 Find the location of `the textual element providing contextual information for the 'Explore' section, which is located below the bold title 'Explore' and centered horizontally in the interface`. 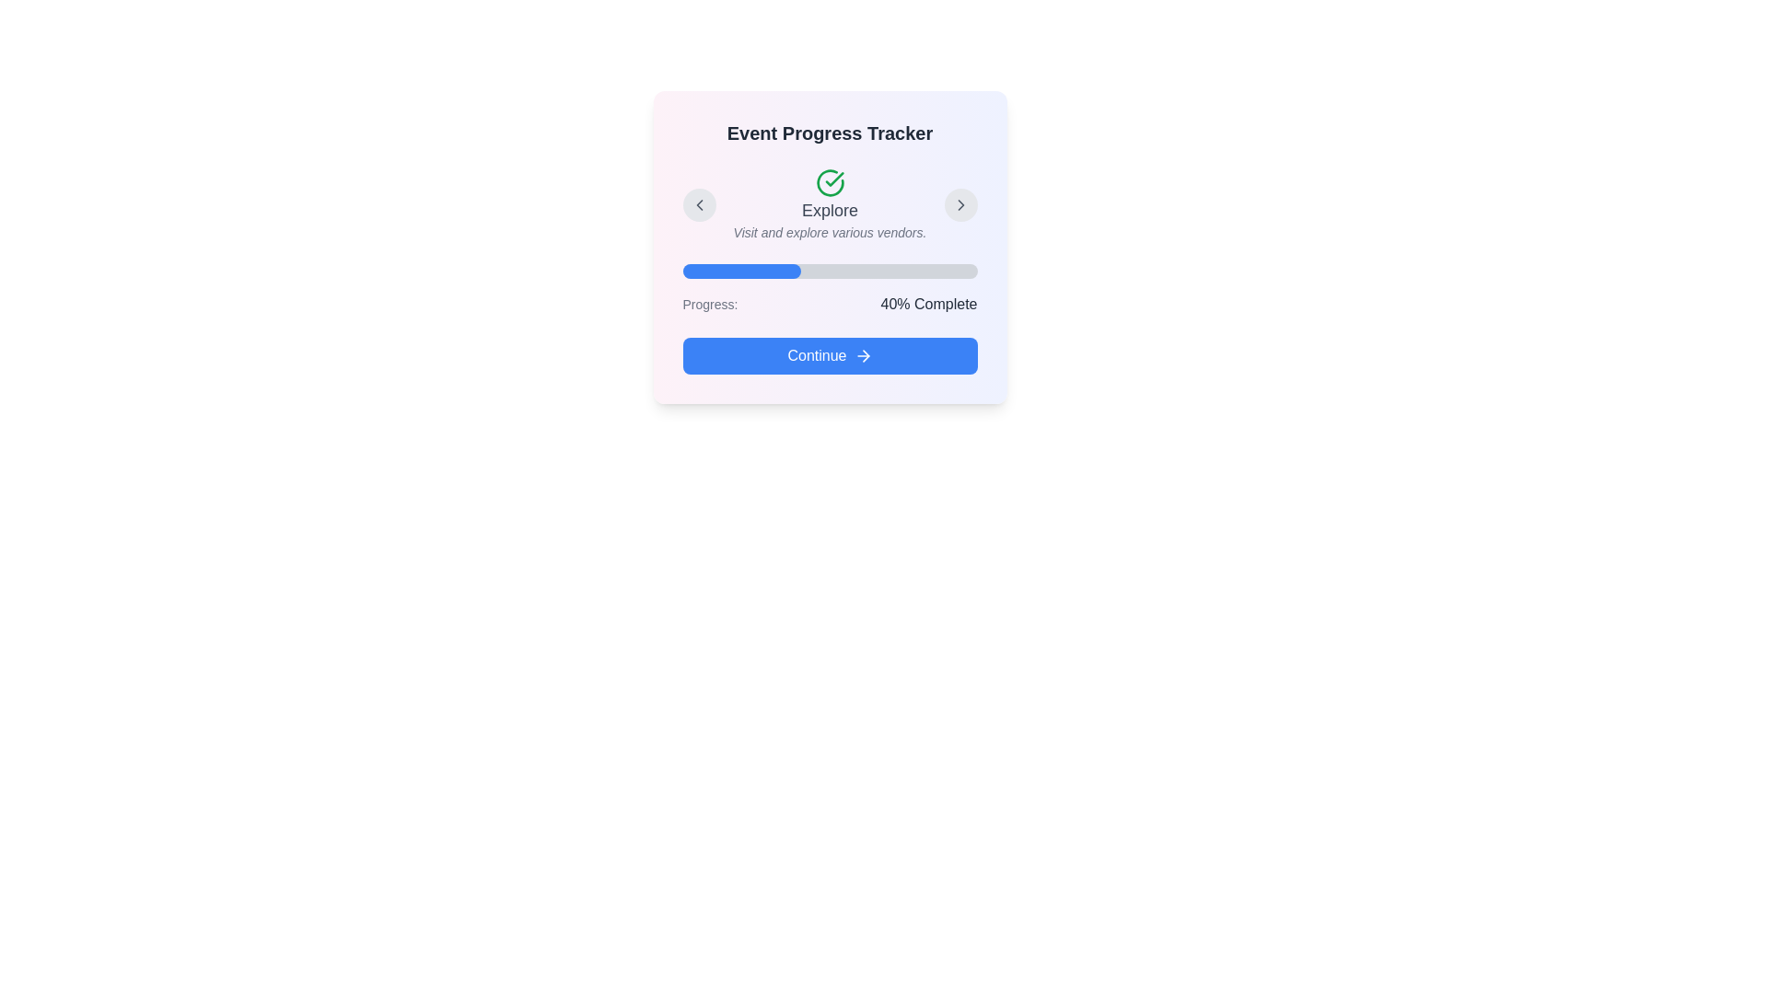

the textual element providing contextual information for the 'Explore' section, which is located below the bold title 'Explore' and centered horizontally in the interface is located at coordinates (829, 232).